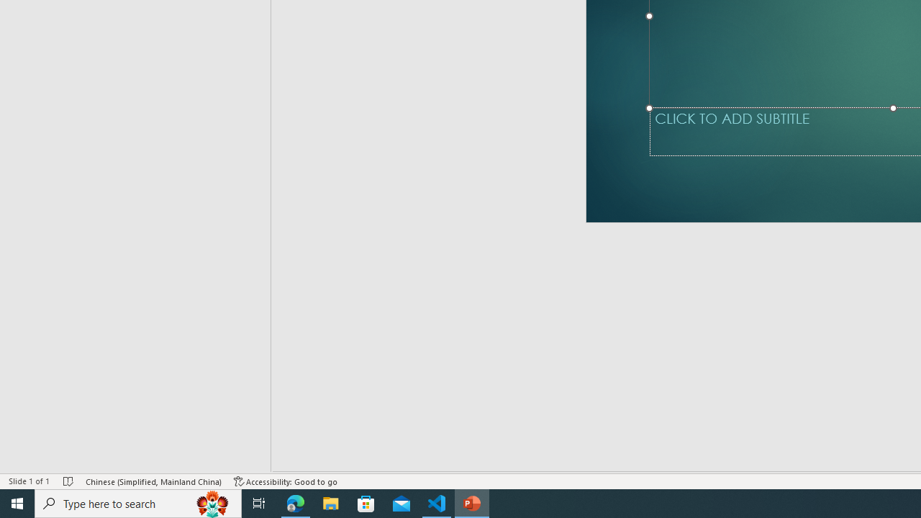 The width and height of the screenshot is (921, 518). Describe the element at coordinates (258, 502) in the screenshot. I see `'Task View'` at that location.